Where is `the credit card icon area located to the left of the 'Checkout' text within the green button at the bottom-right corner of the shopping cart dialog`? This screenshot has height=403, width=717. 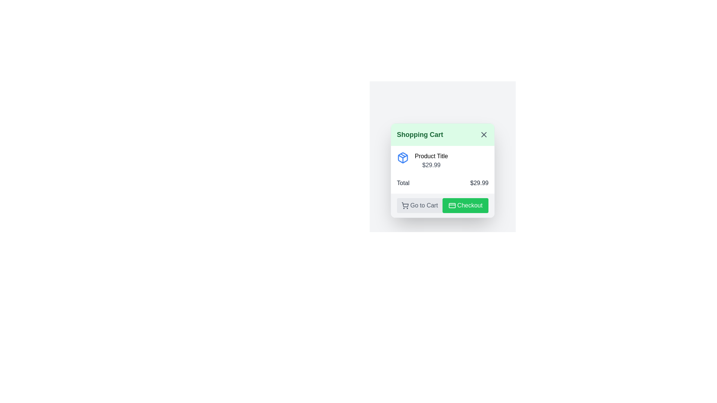
the credit card icon area located to the left of the 'Checkout' text within the green button at the bottom-right corner of the shopping cart dialog is located at coordinates (451, 206).